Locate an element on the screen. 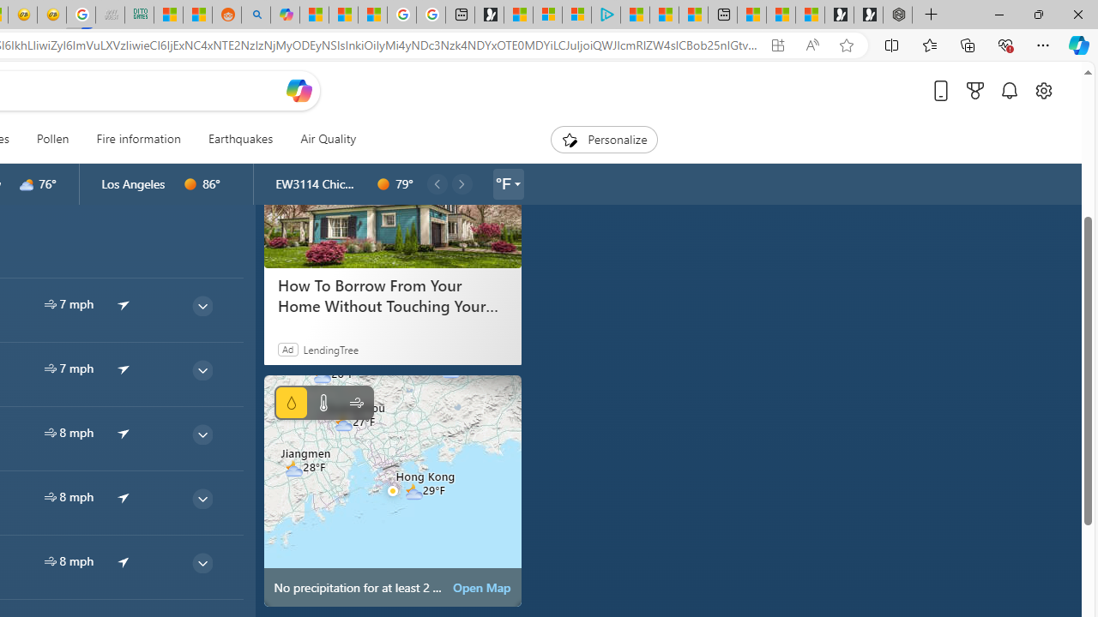 This screenshot has width=1098, height=617. 'Microsoft Copilot in Bing' is located at coordinates (285, 15).